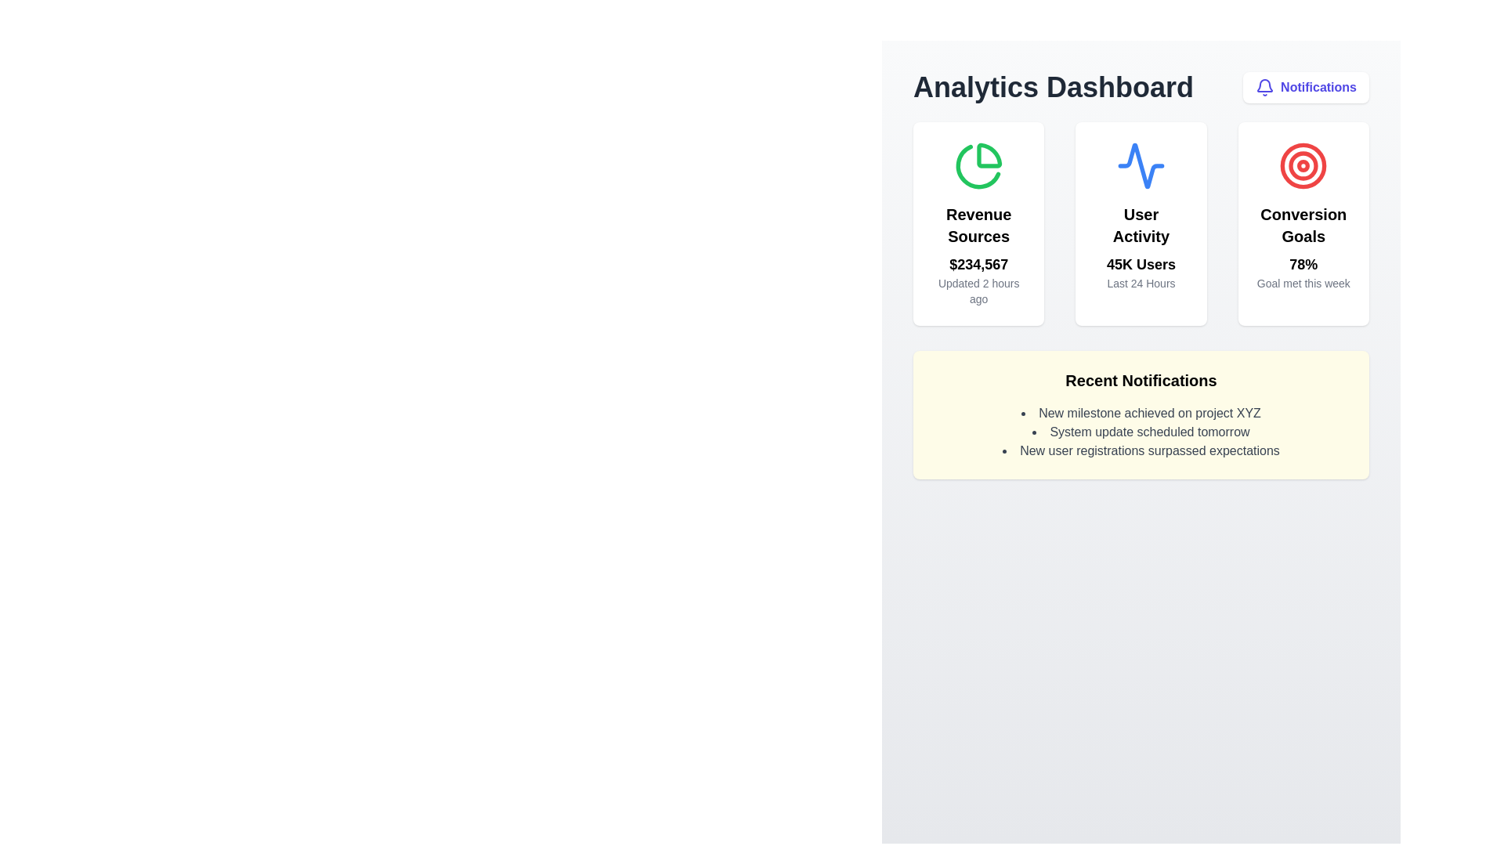 This screenshot has height=846, width=1504. Describe the element at coordinates (1141, 166) in the screenshot. I see `the user activity icon located at the top center of the 'User Activity' card, above the text 'User Activity.'` at that location.